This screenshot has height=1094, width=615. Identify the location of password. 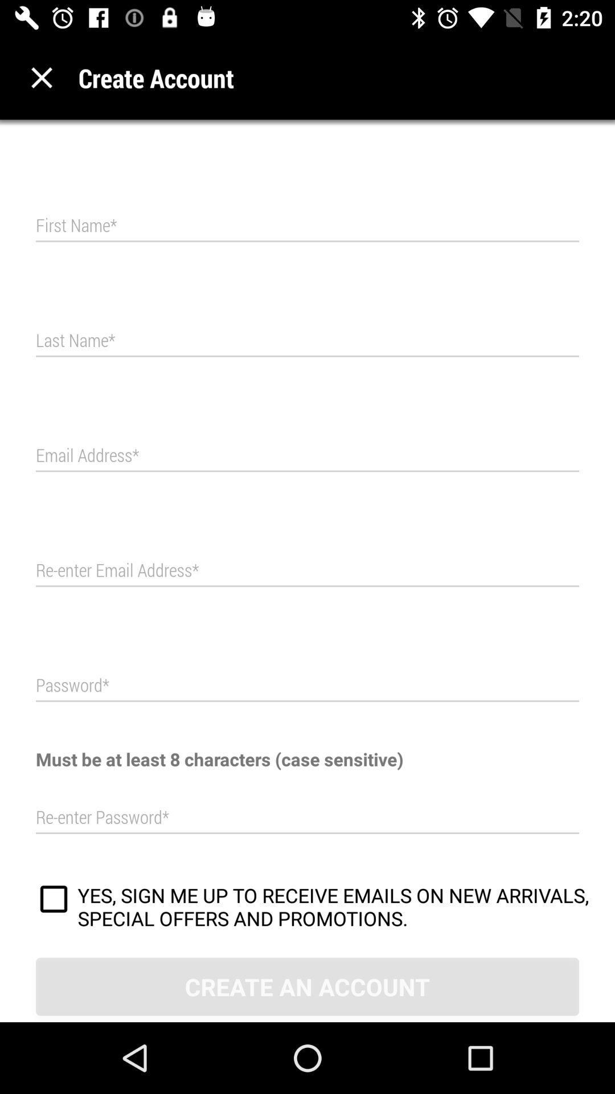
(307, 685).